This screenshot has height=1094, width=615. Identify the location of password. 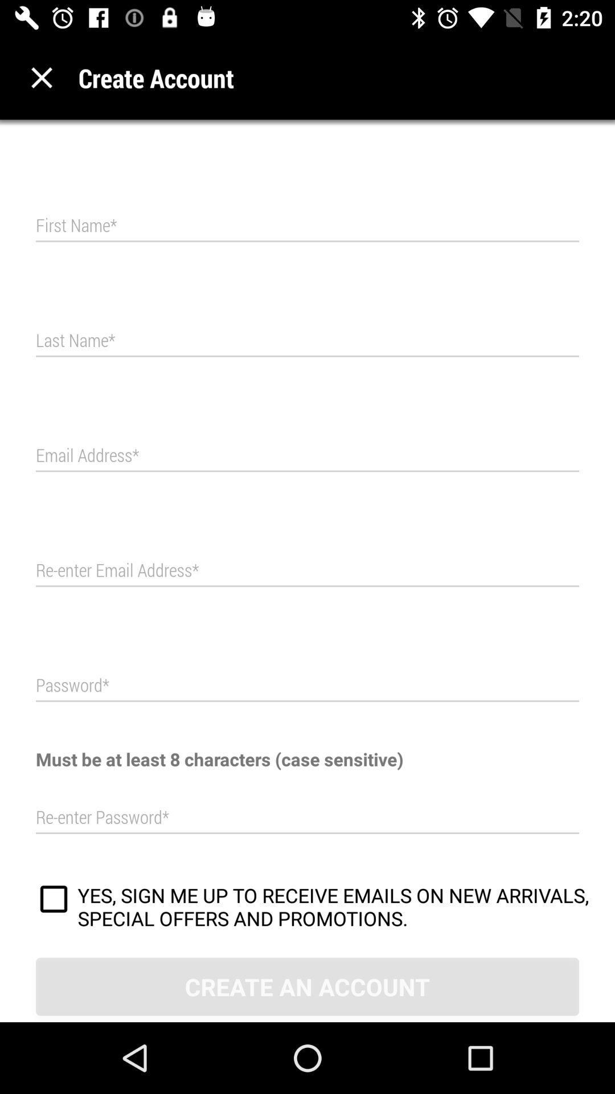
(307, 685).